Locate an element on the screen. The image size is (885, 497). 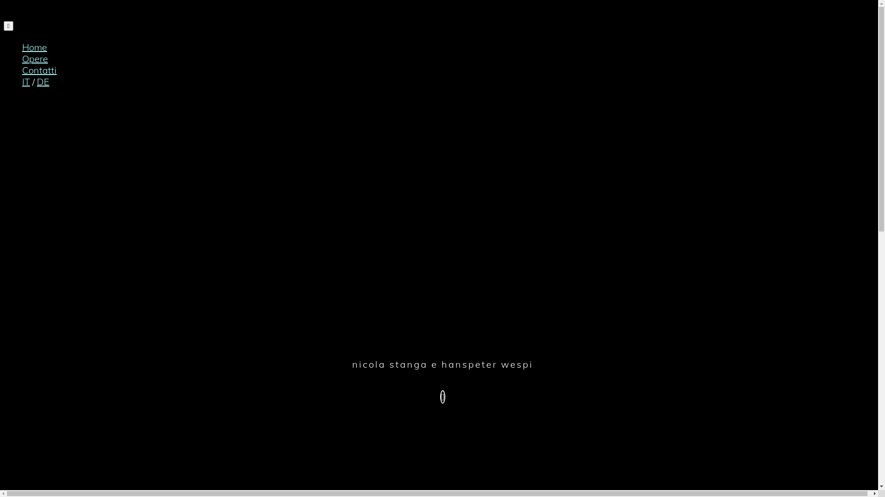
'IT' is located at coordinates (26, 81).